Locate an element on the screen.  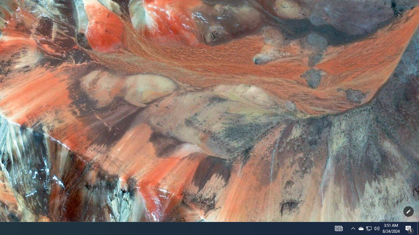
'Customize this page' is located at coordinates (408, 211).